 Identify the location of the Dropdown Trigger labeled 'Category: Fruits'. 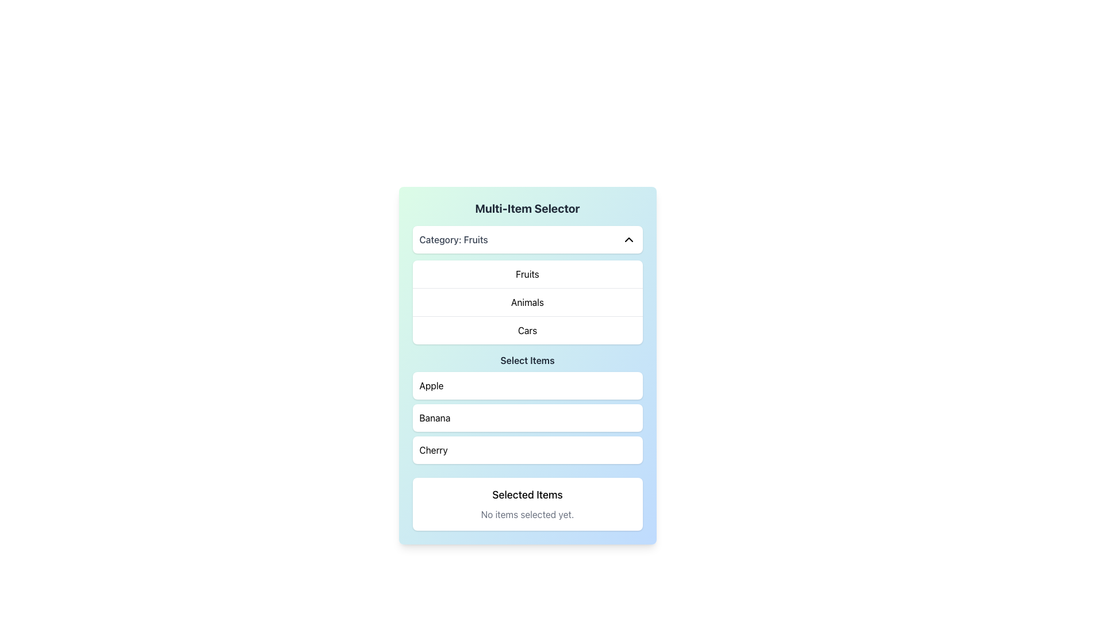
(527, 239).